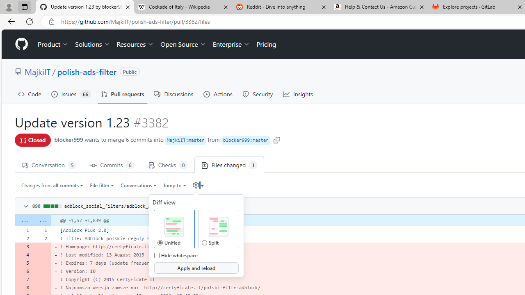 The height and width of the screenshot is (295, 525). Describe the element at coordinates (183, 44) in the screenshot. I see `'Open Source'` at that location.